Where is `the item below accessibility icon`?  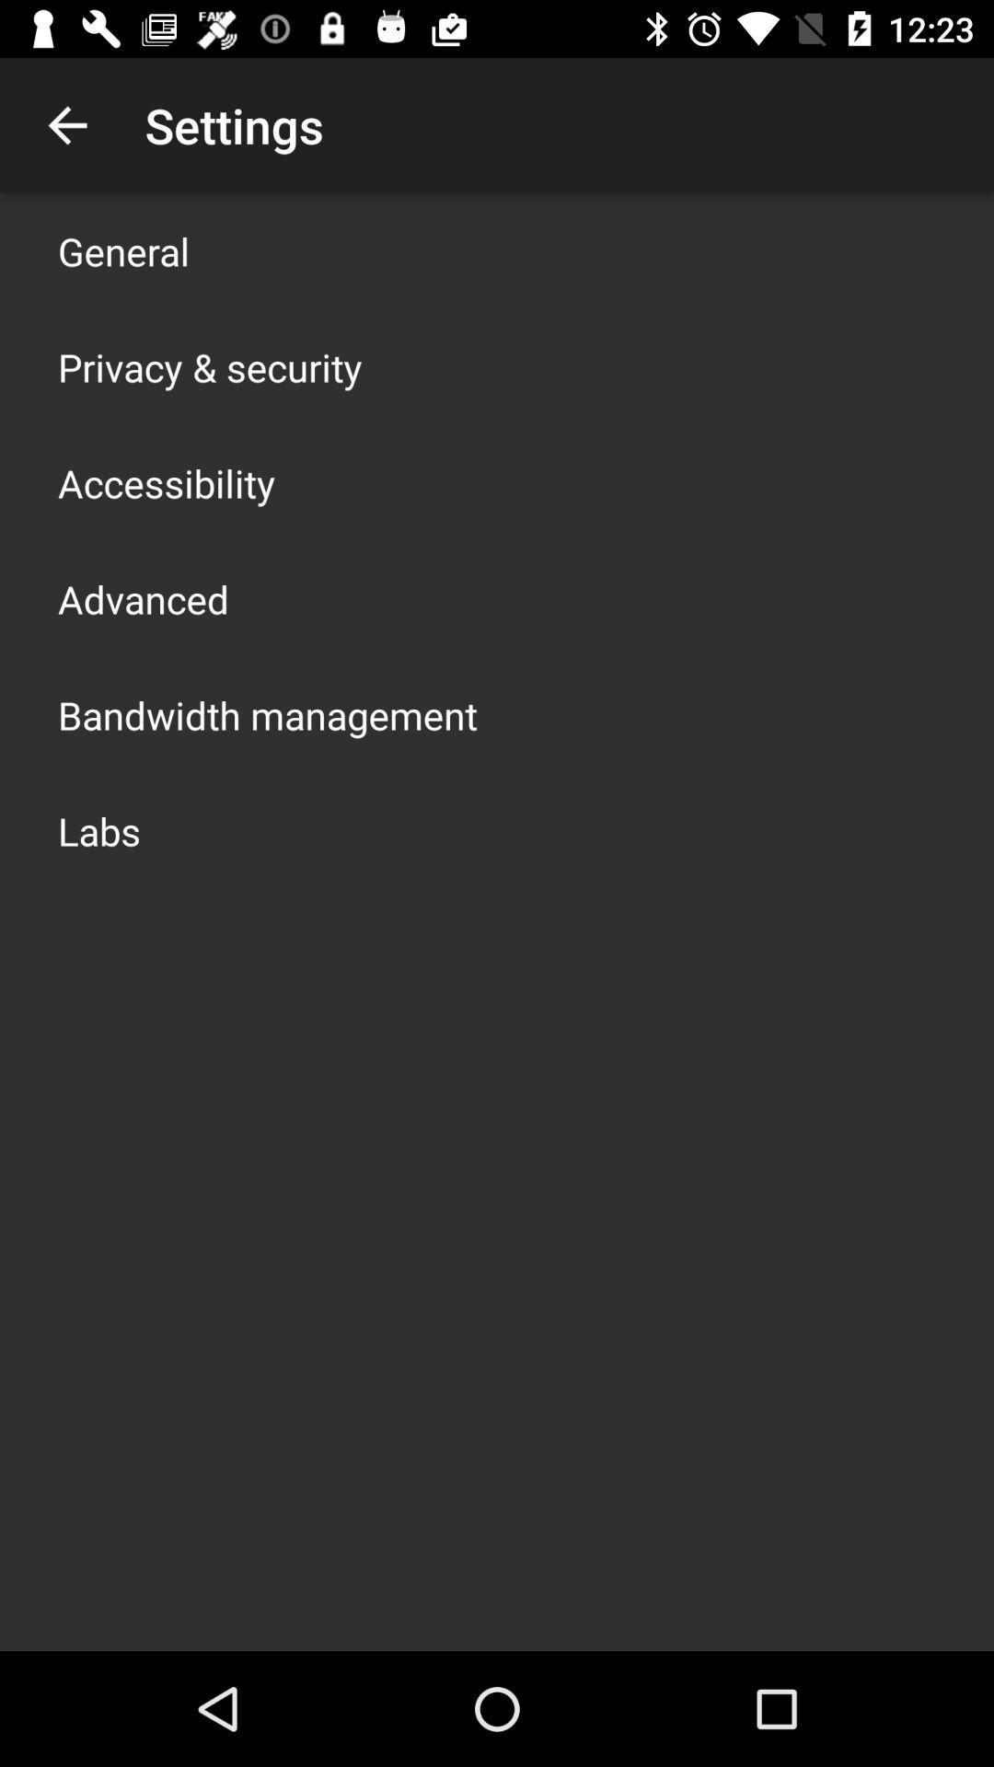
the item below accessibility icon is located at coordinates (142, 599).